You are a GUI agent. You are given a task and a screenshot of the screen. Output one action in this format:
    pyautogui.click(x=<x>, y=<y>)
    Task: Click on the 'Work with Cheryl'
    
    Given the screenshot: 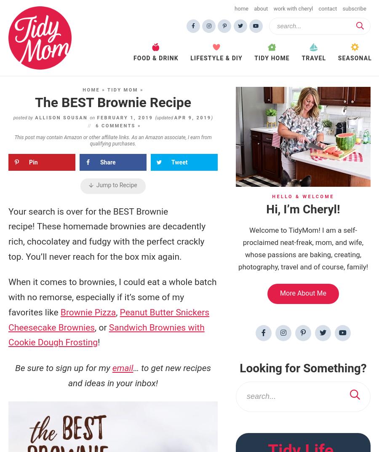 What is the action you would take?
    pyautogui.click(x=292, y=8)
    